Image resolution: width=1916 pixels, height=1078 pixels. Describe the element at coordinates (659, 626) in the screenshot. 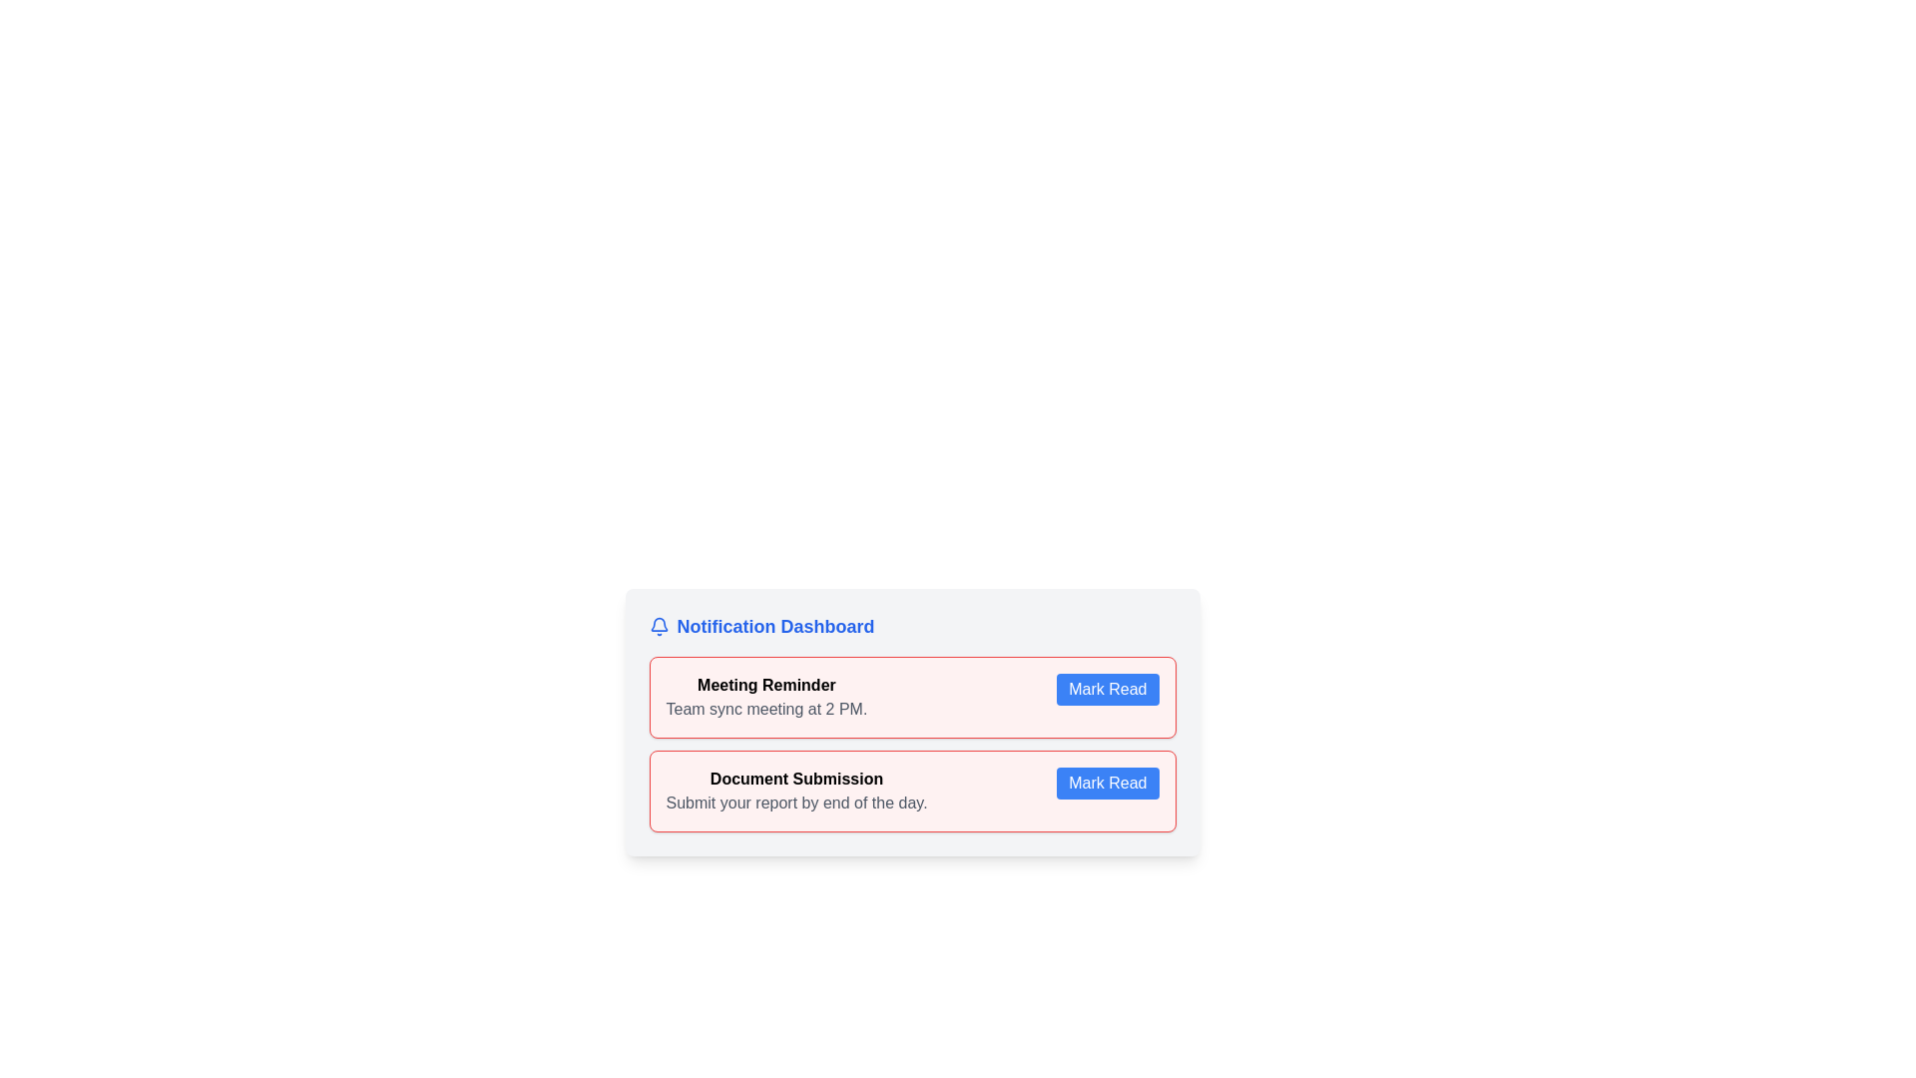

I see `the bell icon with a blue outline located to the far left of the 'Notification Dashboard' title bar` at that location.